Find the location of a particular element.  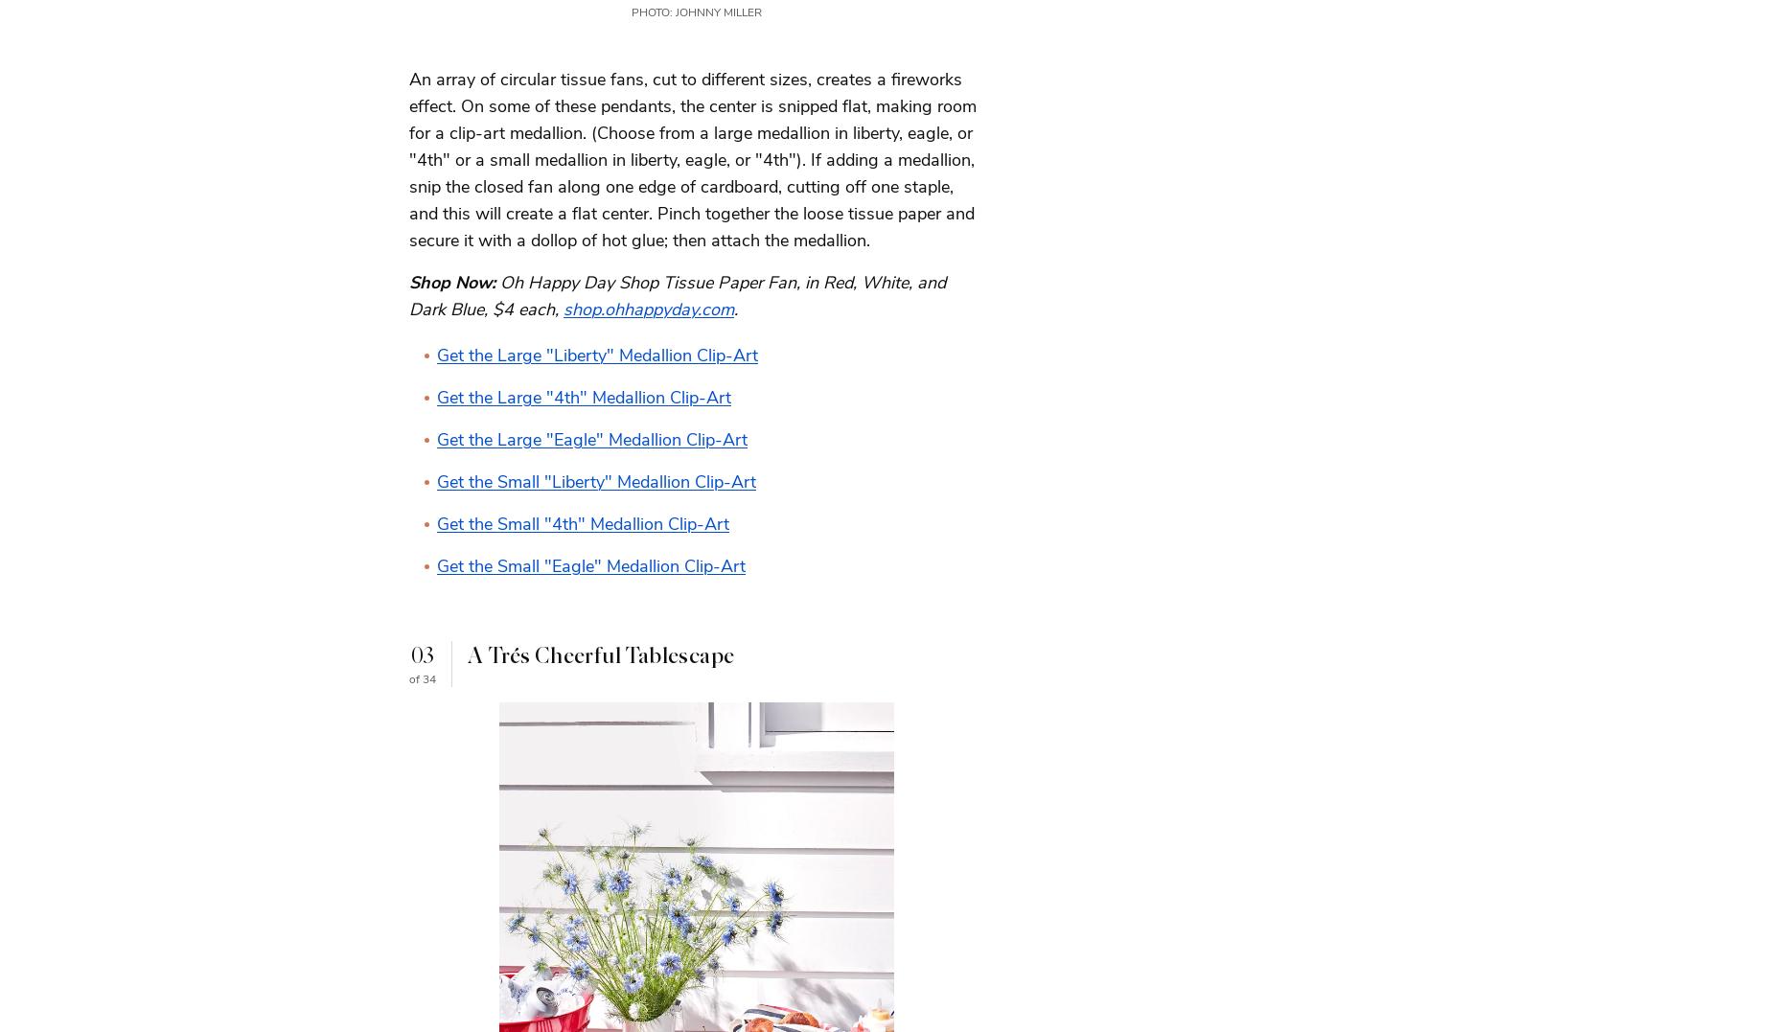

'Get the Small "Eagle" Medallion Clip-Art' is located at coordinates (590, 563).